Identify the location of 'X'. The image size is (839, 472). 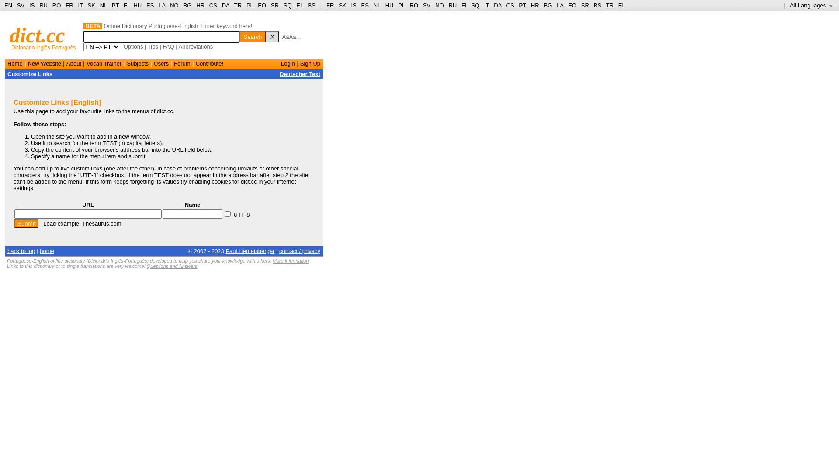
(272, 36).